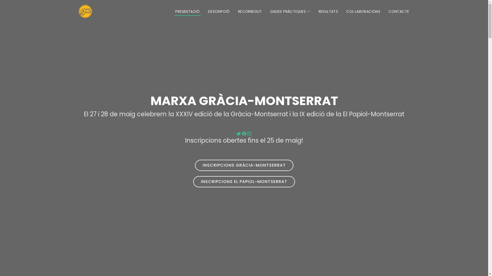 Image resolution: width=492 pixels, height=276 pixels. What do you see at coordinates (250, 11) in the screenshot?
I see `'RECORREGUT'` at bounding box center [250, 11].